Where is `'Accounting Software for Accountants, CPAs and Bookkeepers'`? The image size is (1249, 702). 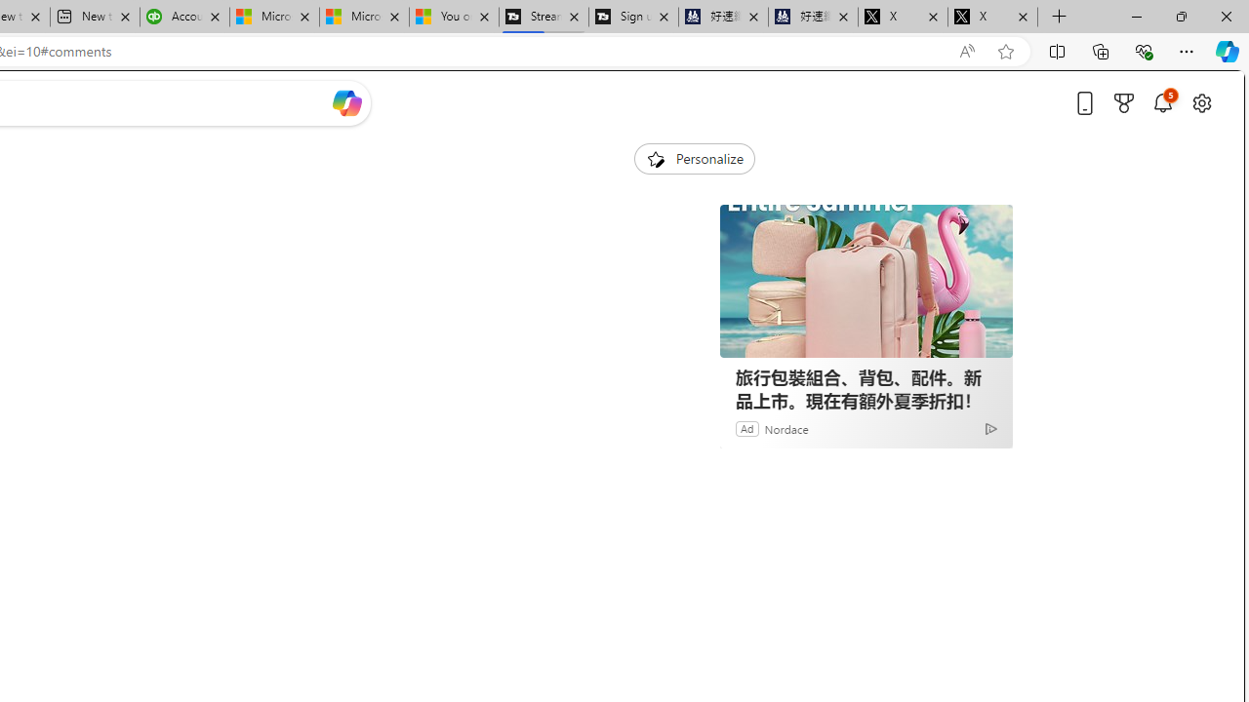
'Accounting Software for Accountants, CPAs and Bookkeepers' is located at coordinates (184, 17).